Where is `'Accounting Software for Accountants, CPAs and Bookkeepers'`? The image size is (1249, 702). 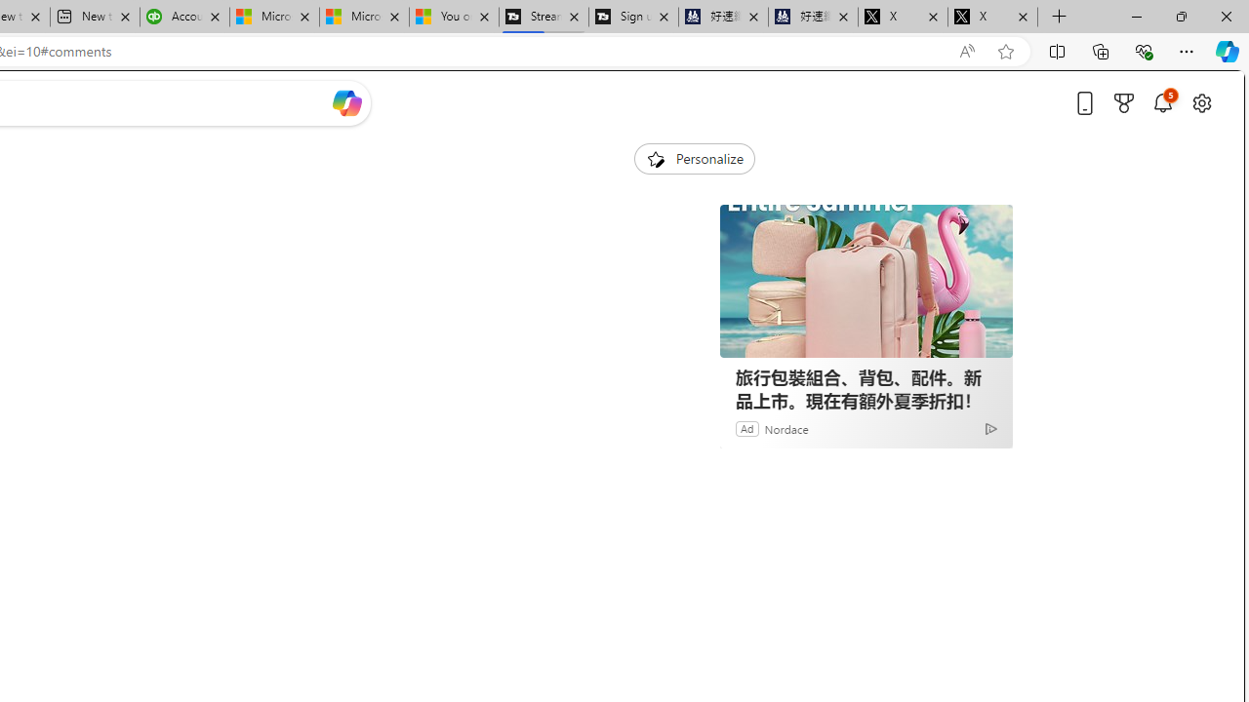
'Accounting Software for Accountants, CPAs and Bookkeepers' is located at coordinates (184, 17).